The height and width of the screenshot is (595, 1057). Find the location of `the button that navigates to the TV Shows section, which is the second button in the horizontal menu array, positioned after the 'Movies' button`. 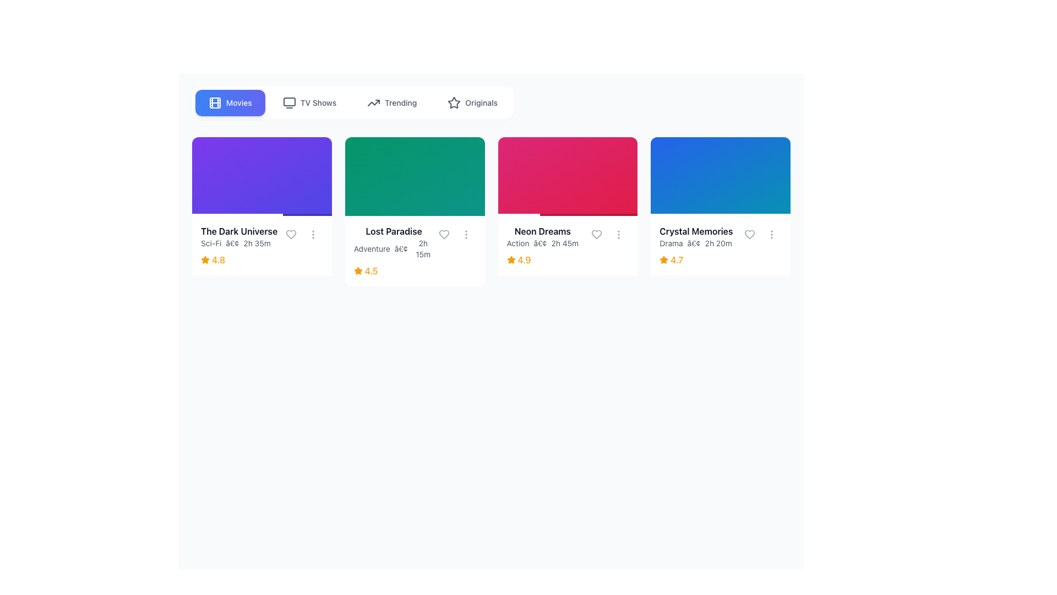

the button that navigates to the TV Shows section, which is the second button in the horizontal menu array, positioned after the 'Movies' button is located at coordinates (309, 102).